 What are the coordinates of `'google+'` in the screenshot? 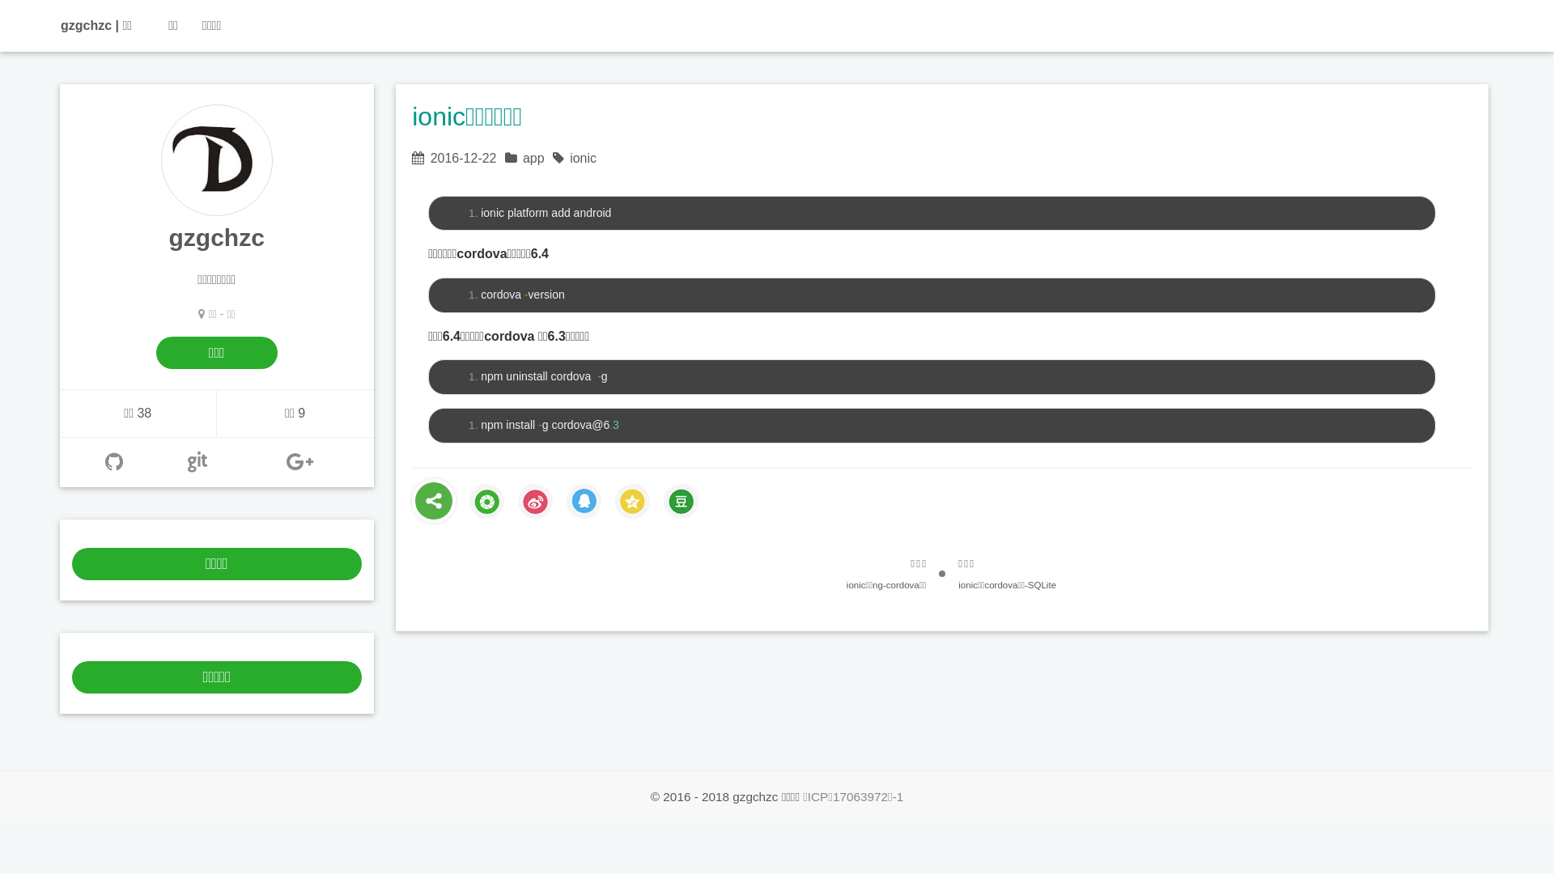 It's located at (299, 461).